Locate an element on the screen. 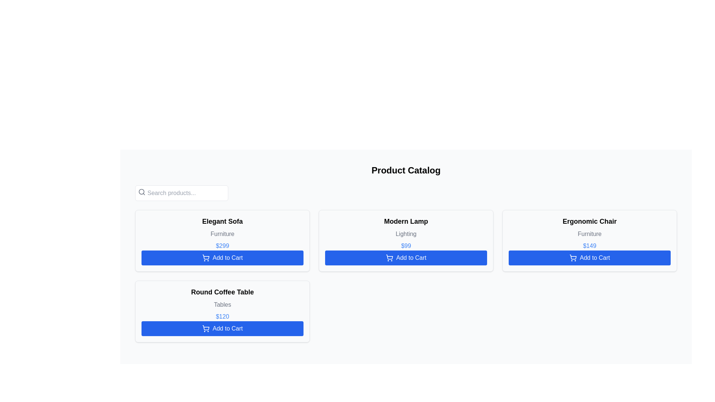 The image size is (715, 402). the price label displaying '$299' in blue, located below 'Furniture' and above the 'Add to Cart' button in the product card of 'Elegant Sofa' is located at coordinates (222, 246).